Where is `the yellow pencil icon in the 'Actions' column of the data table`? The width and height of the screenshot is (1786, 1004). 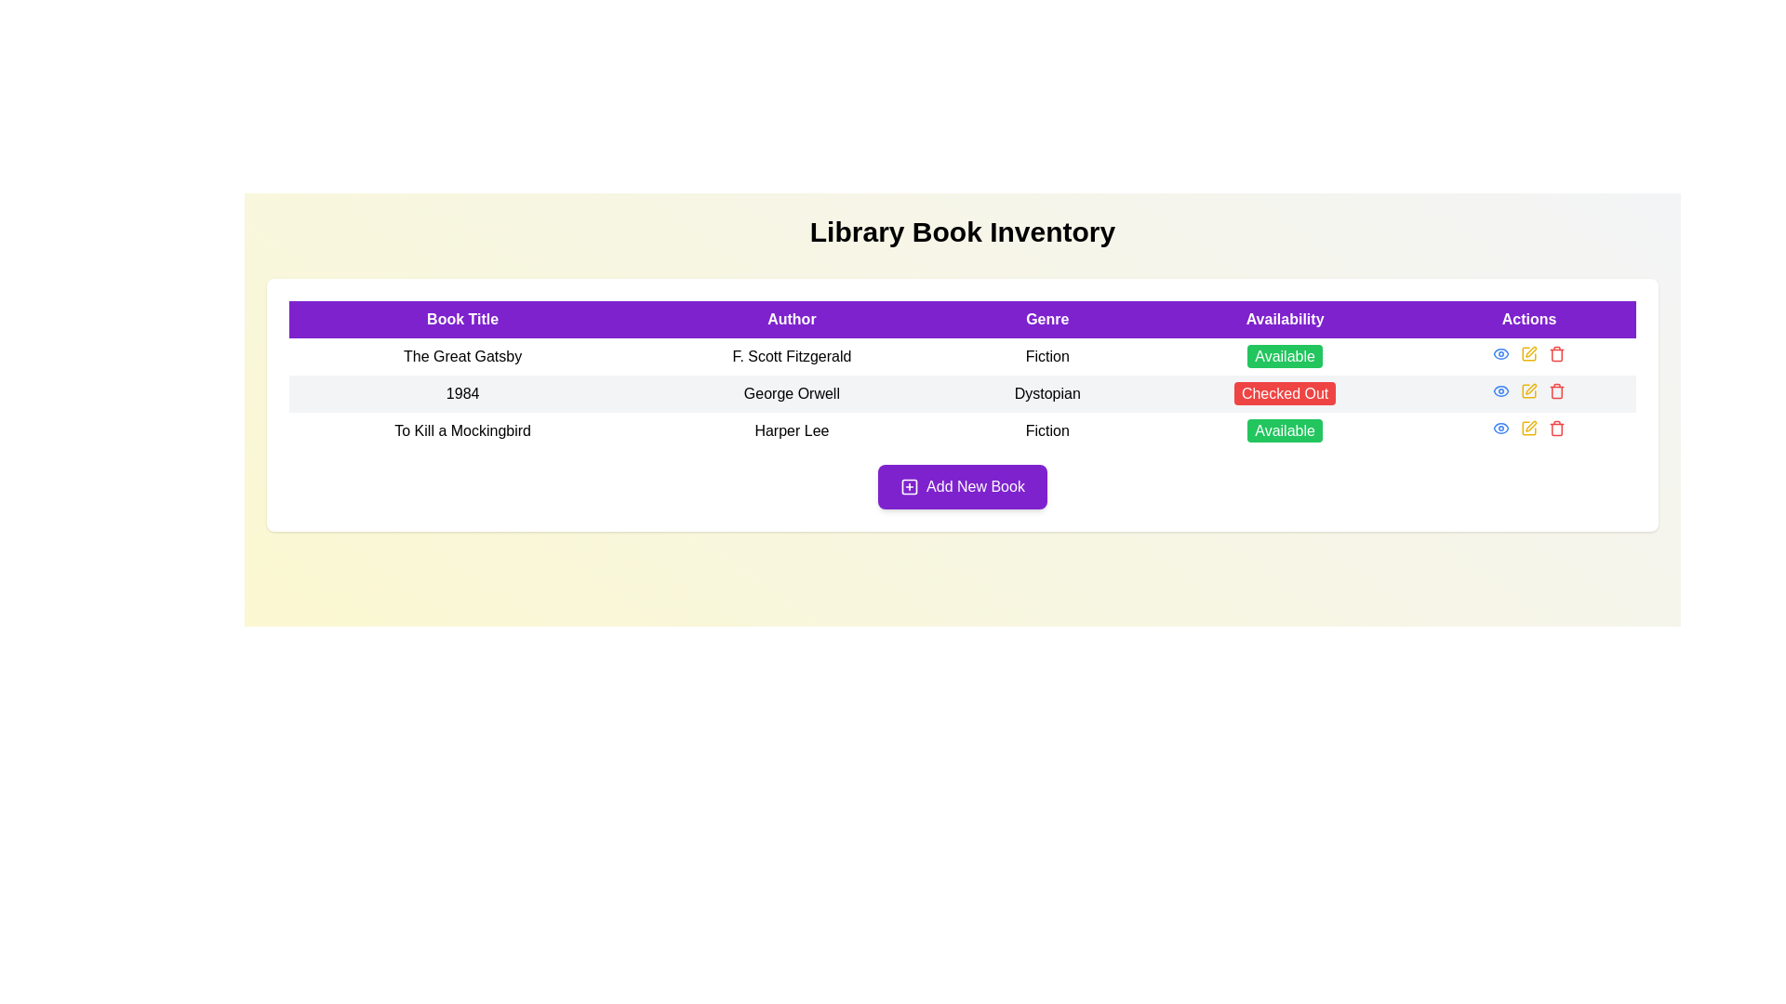
the yellow pencil icon in the 'Actions' column of the data table is located at coordinates (1531, 351).